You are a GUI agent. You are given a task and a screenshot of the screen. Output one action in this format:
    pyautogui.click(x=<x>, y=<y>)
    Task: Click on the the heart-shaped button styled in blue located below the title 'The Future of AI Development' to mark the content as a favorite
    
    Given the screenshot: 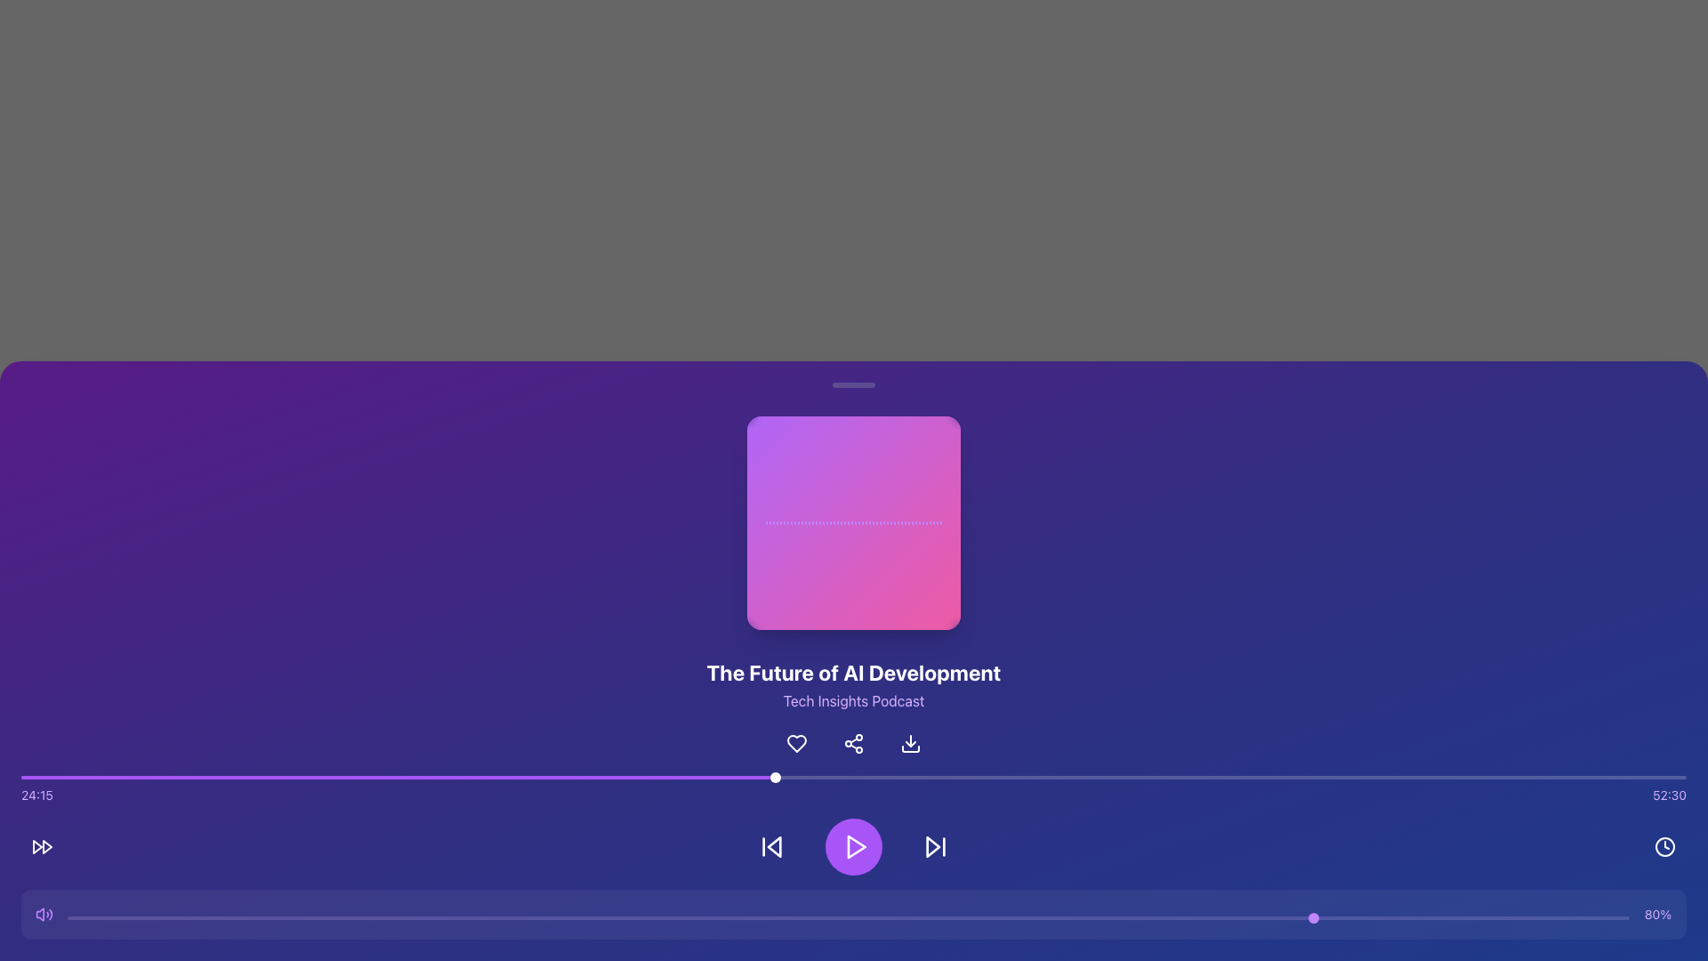 What is the action you would take?
    pyautogui.click(x=796, y=744)
    